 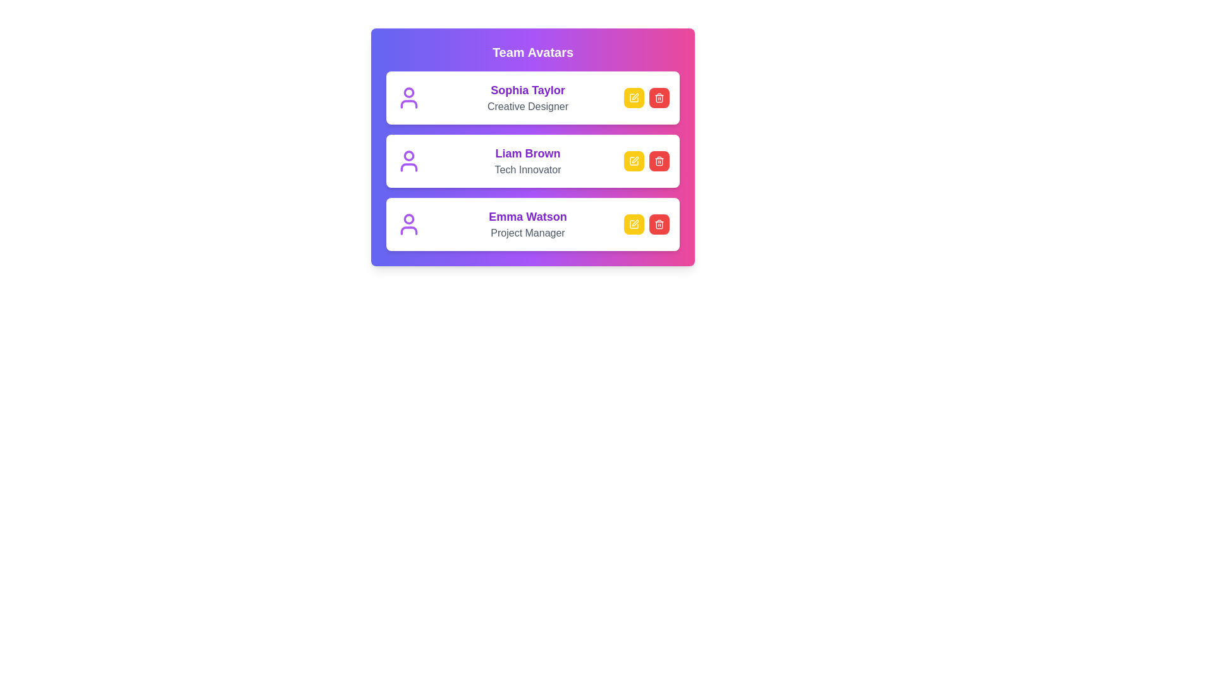 What do you see at coordinates (528, 223) in the screenshot?
I see `text displayed in the text element showing 'Emma Watson' in bold purple font, located in the lower section of the list within the 'Team Avatars' component` at bounding box center [528, 223].